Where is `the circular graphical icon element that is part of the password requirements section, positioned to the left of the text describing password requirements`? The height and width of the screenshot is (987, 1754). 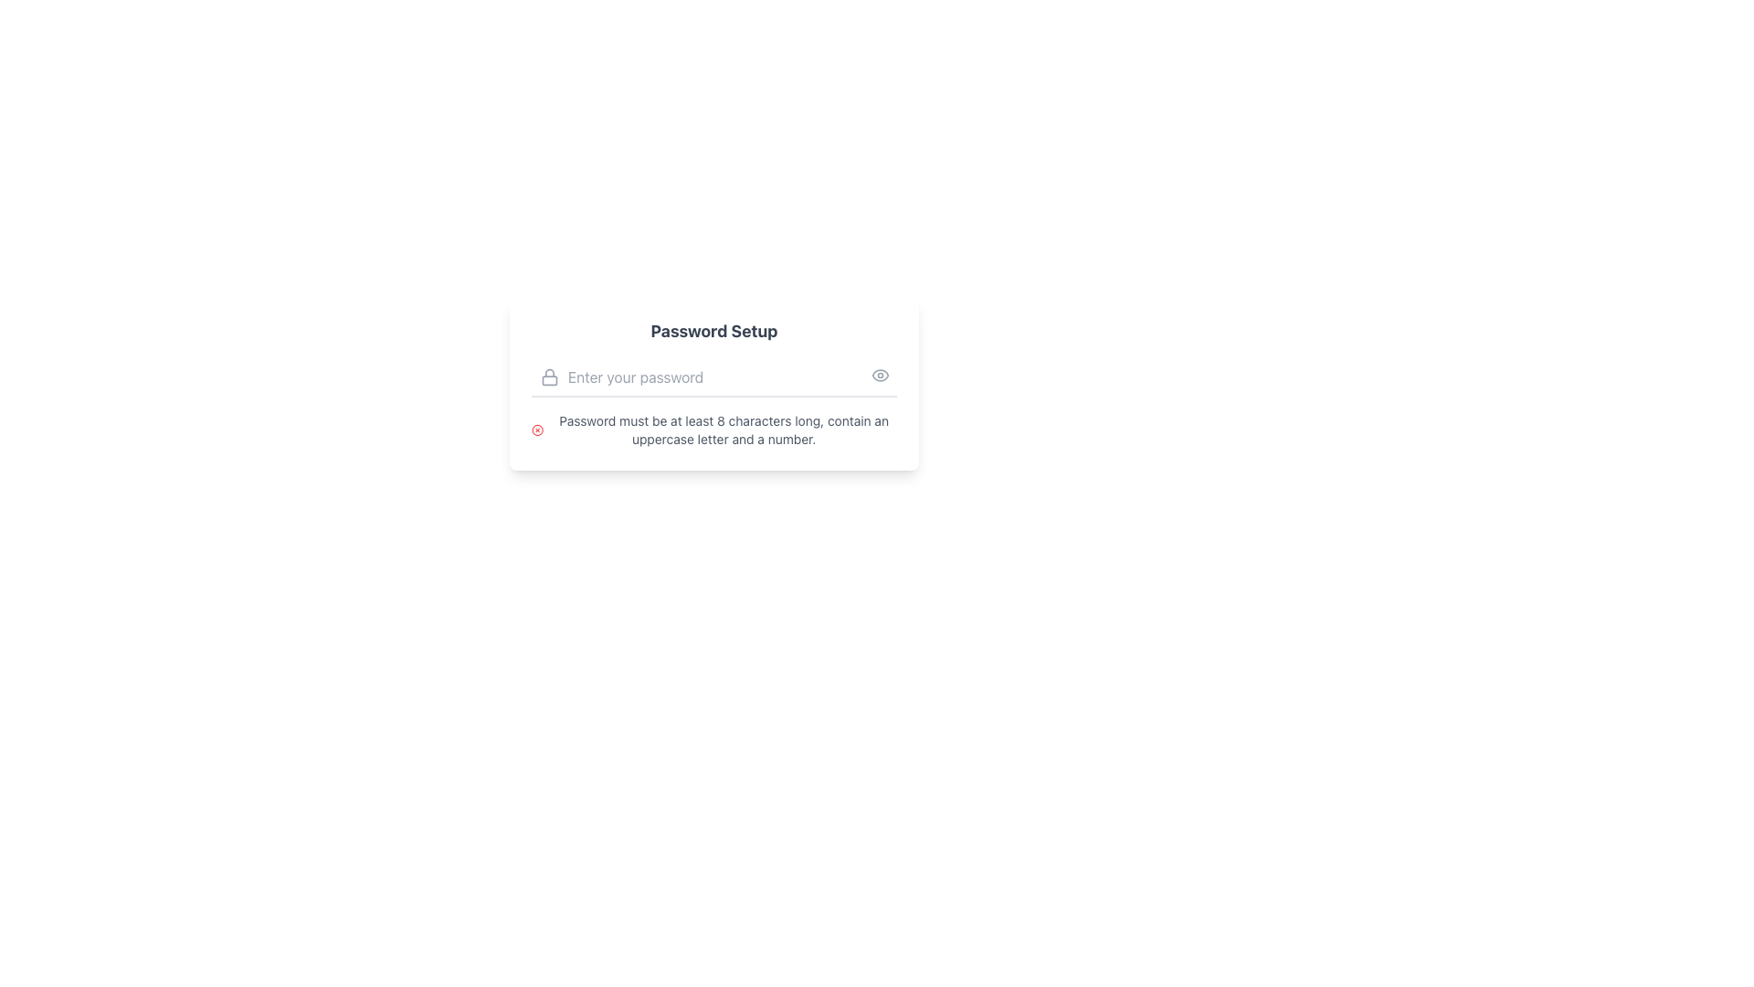
the circular graphical icon element that is part of the password requirements section, positioned to the left of the text describing password requirements is located at coordinates (536, 430).